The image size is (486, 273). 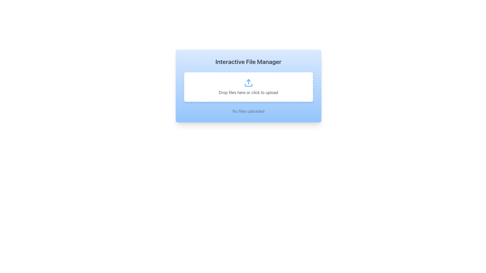 What do you see at coordinates (248, 86) in the screenshot?
I see `the invisible file input field located centrally within the rectangular box that has a dashed border and light blue background` at bounding box center [248, 86].